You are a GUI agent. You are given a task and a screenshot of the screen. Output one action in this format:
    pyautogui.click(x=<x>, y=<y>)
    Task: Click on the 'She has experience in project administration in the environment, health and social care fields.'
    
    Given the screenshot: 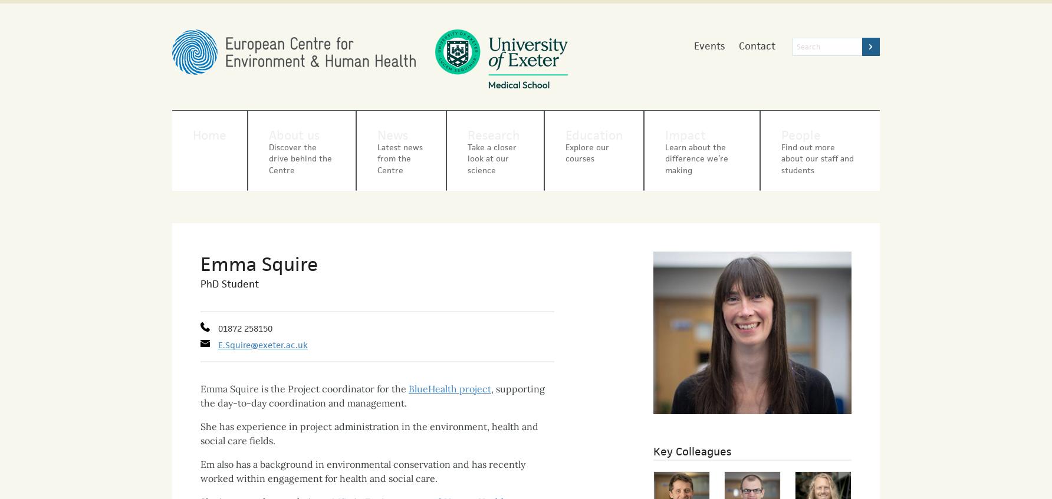 What is the action you would take?
    pyautogui.click(x=200, y=423)
    